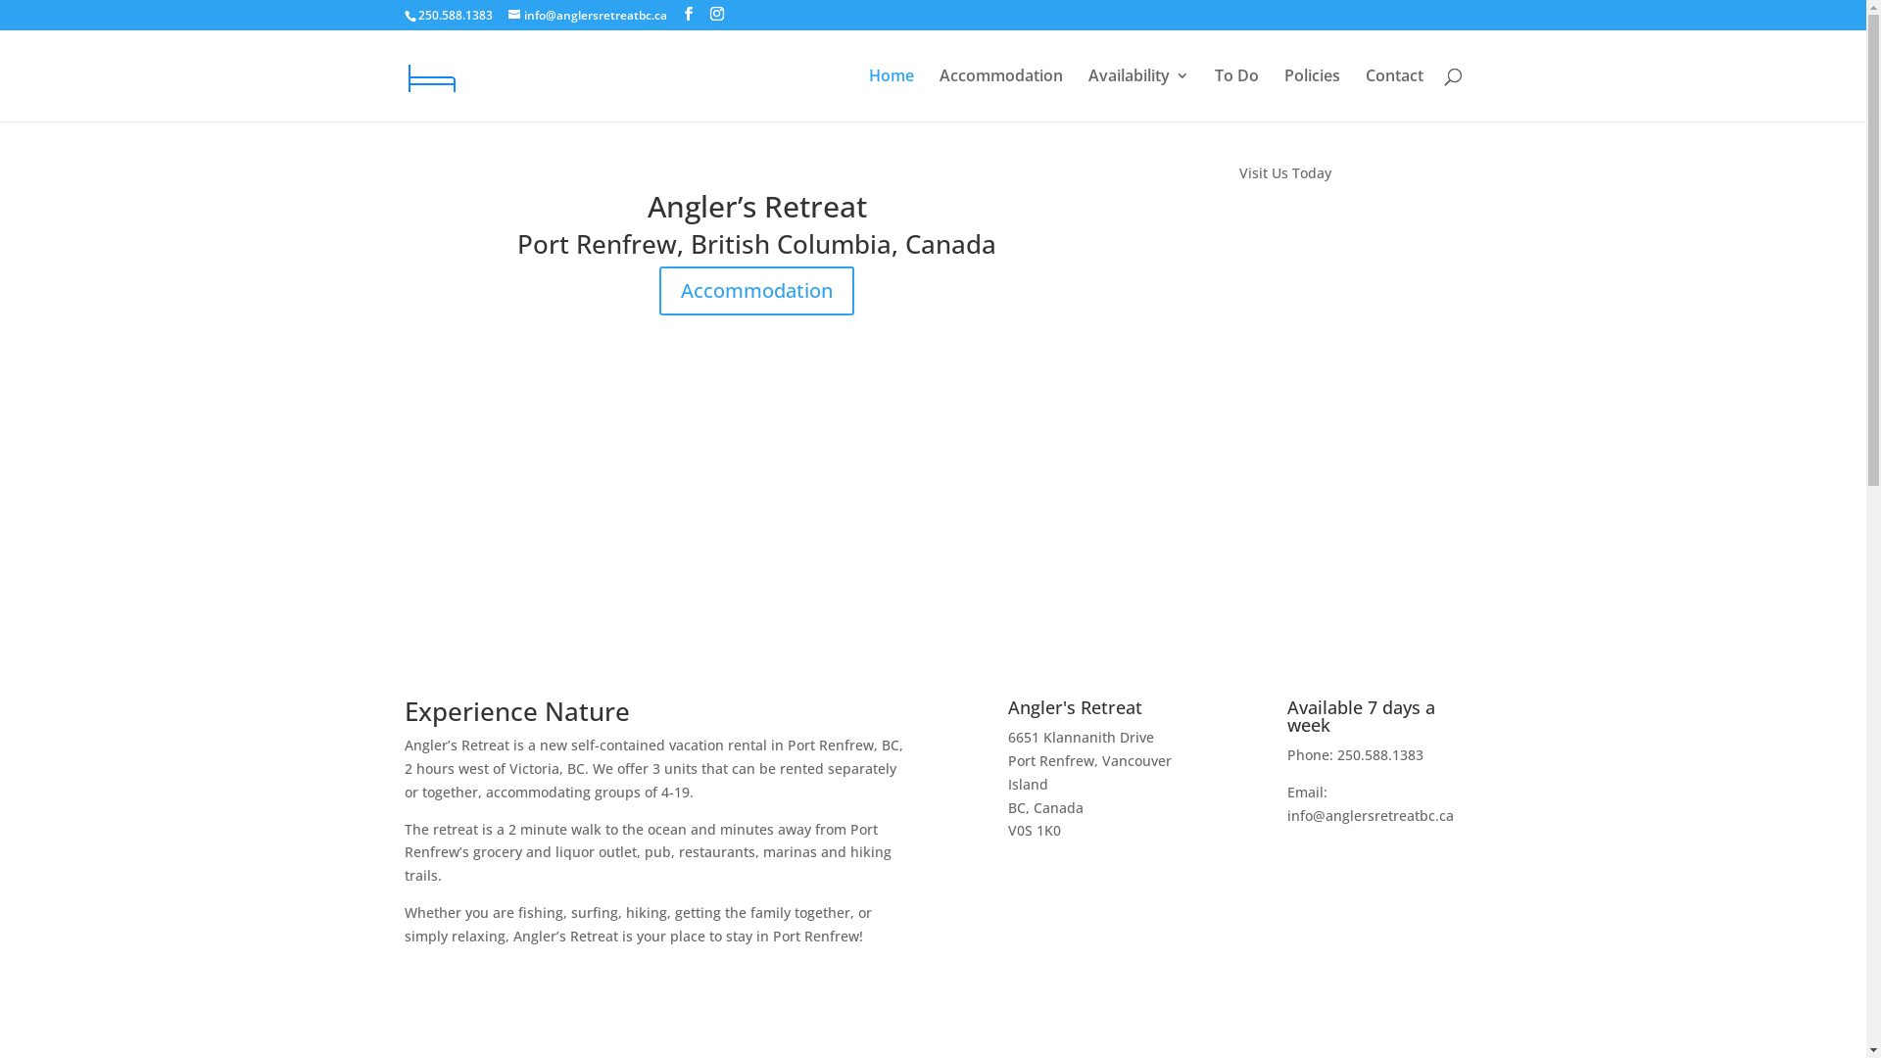 This screenshot has height=1058, width=1881. Describe the element at coordinates (1235, 94) in the screenshot. I see `'To Do'` at that location.